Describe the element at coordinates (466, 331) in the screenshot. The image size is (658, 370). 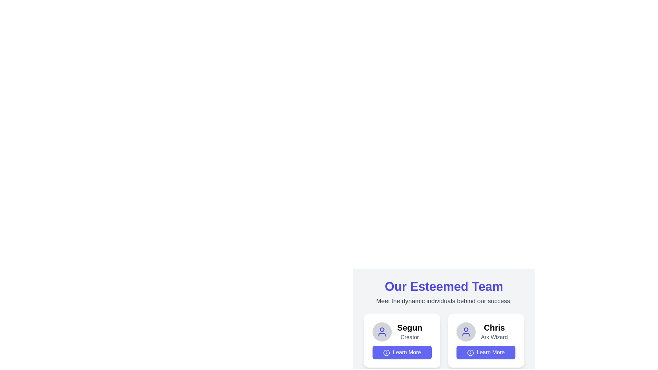
I see `the avatar representing user 'Chris Ark Wizard' located on the right side of the team members section` at that location.